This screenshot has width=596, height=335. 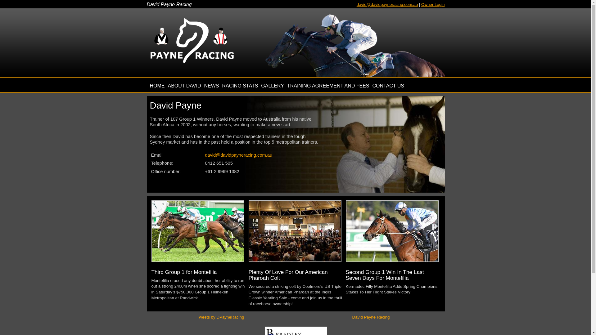 I want to click on 'Tweets by DPayneRacing', so click(x=220, y=317).